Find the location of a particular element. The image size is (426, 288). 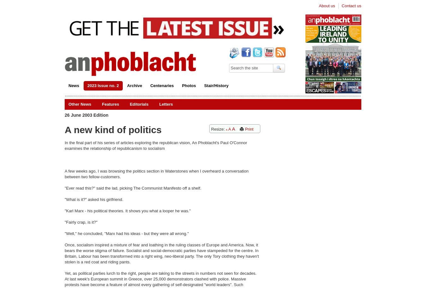

'"Ever read this?" said the lad, picking The Communist Manifesto off a shelf.' is located at coordinates (133, 188).